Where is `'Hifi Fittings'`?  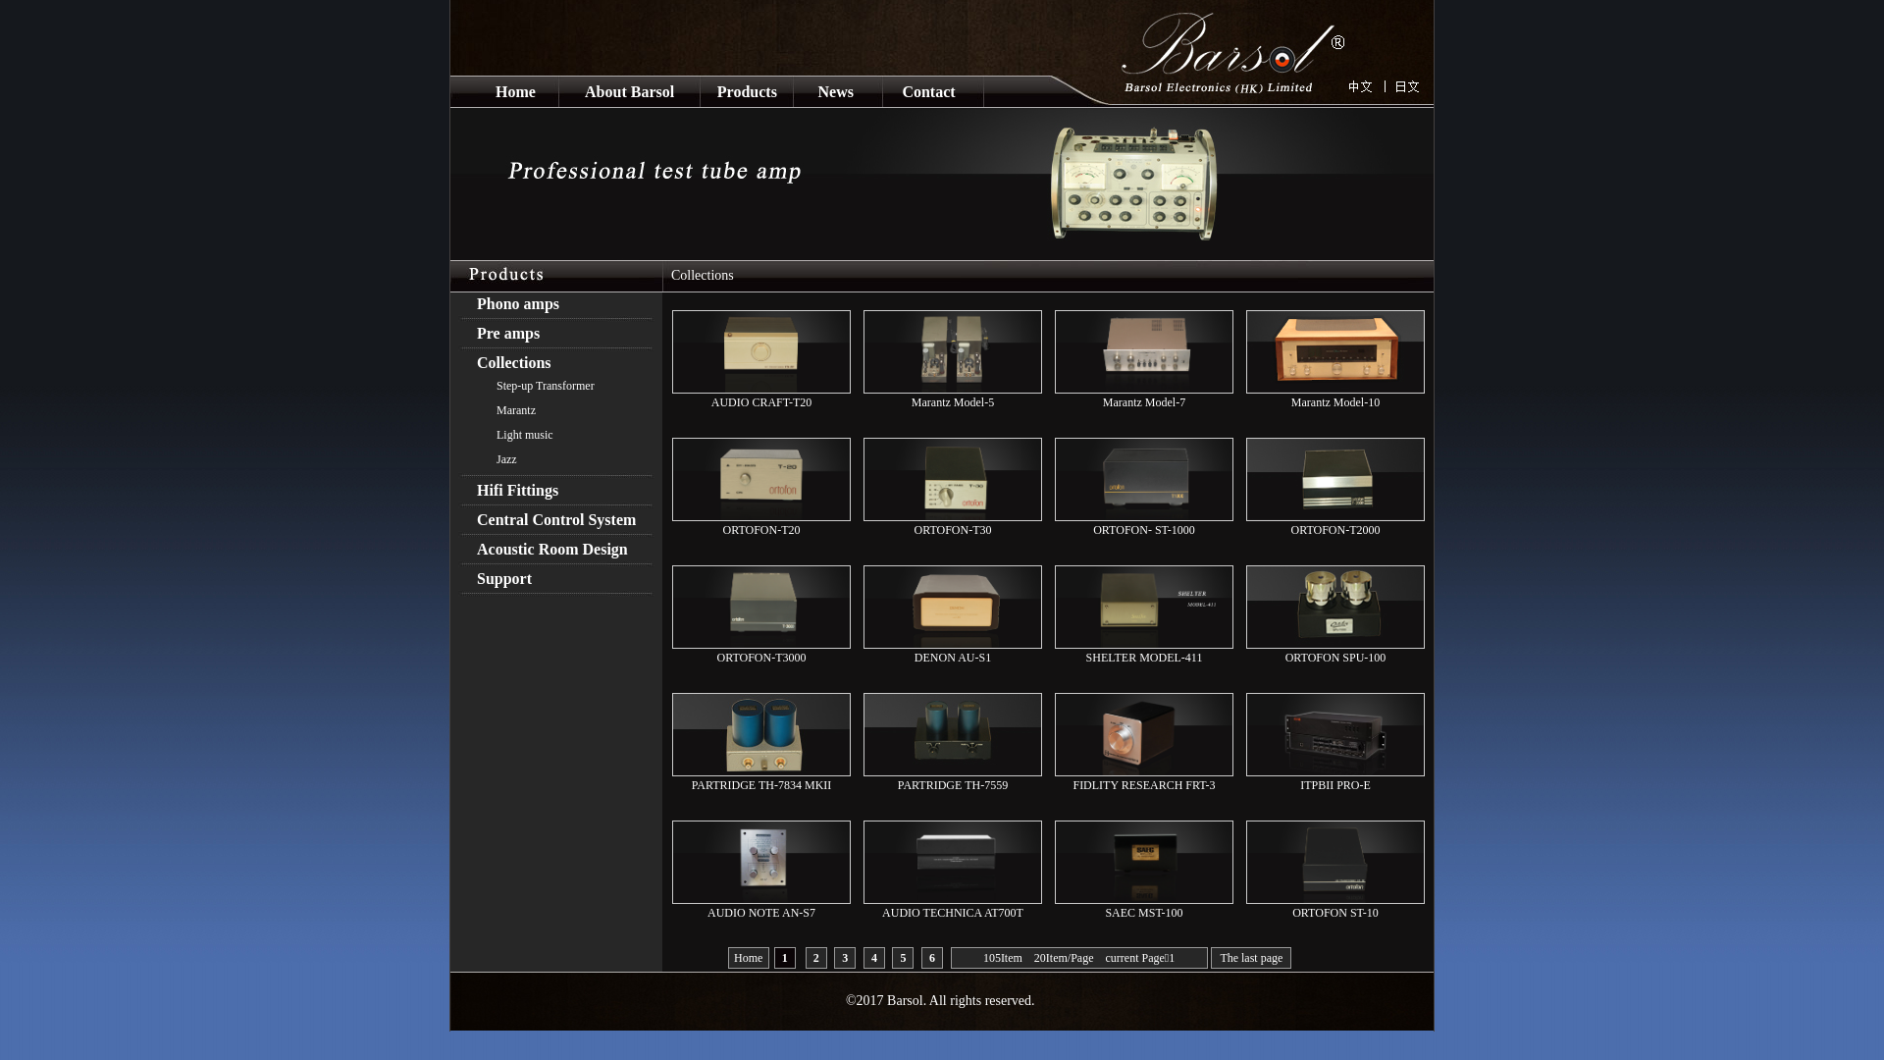
'Hifi Fittings' is located at coordinates (554, 489).